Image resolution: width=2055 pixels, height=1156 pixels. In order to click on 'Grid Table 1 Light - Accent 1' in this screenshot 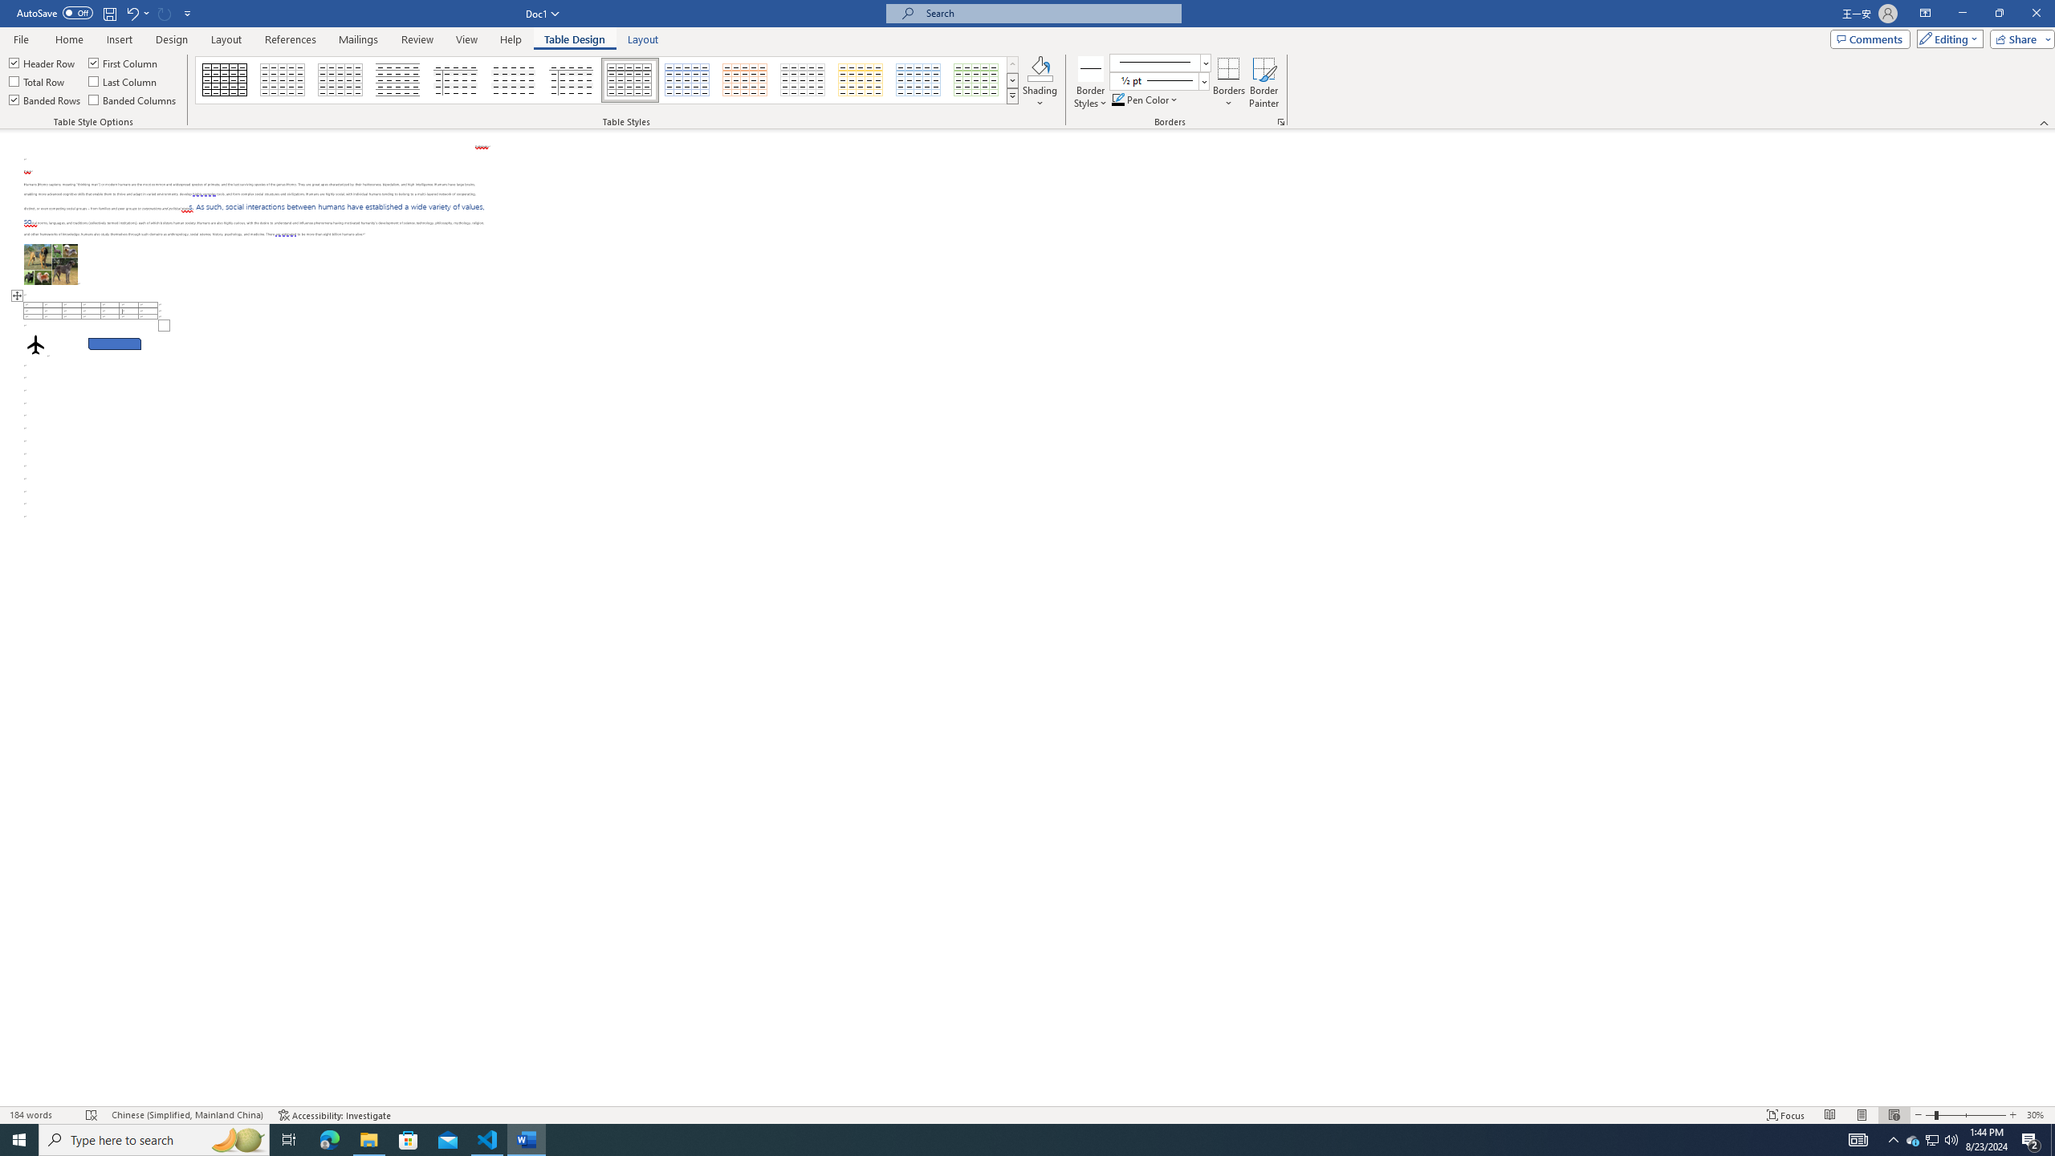, I will do `click(687, 79)`.